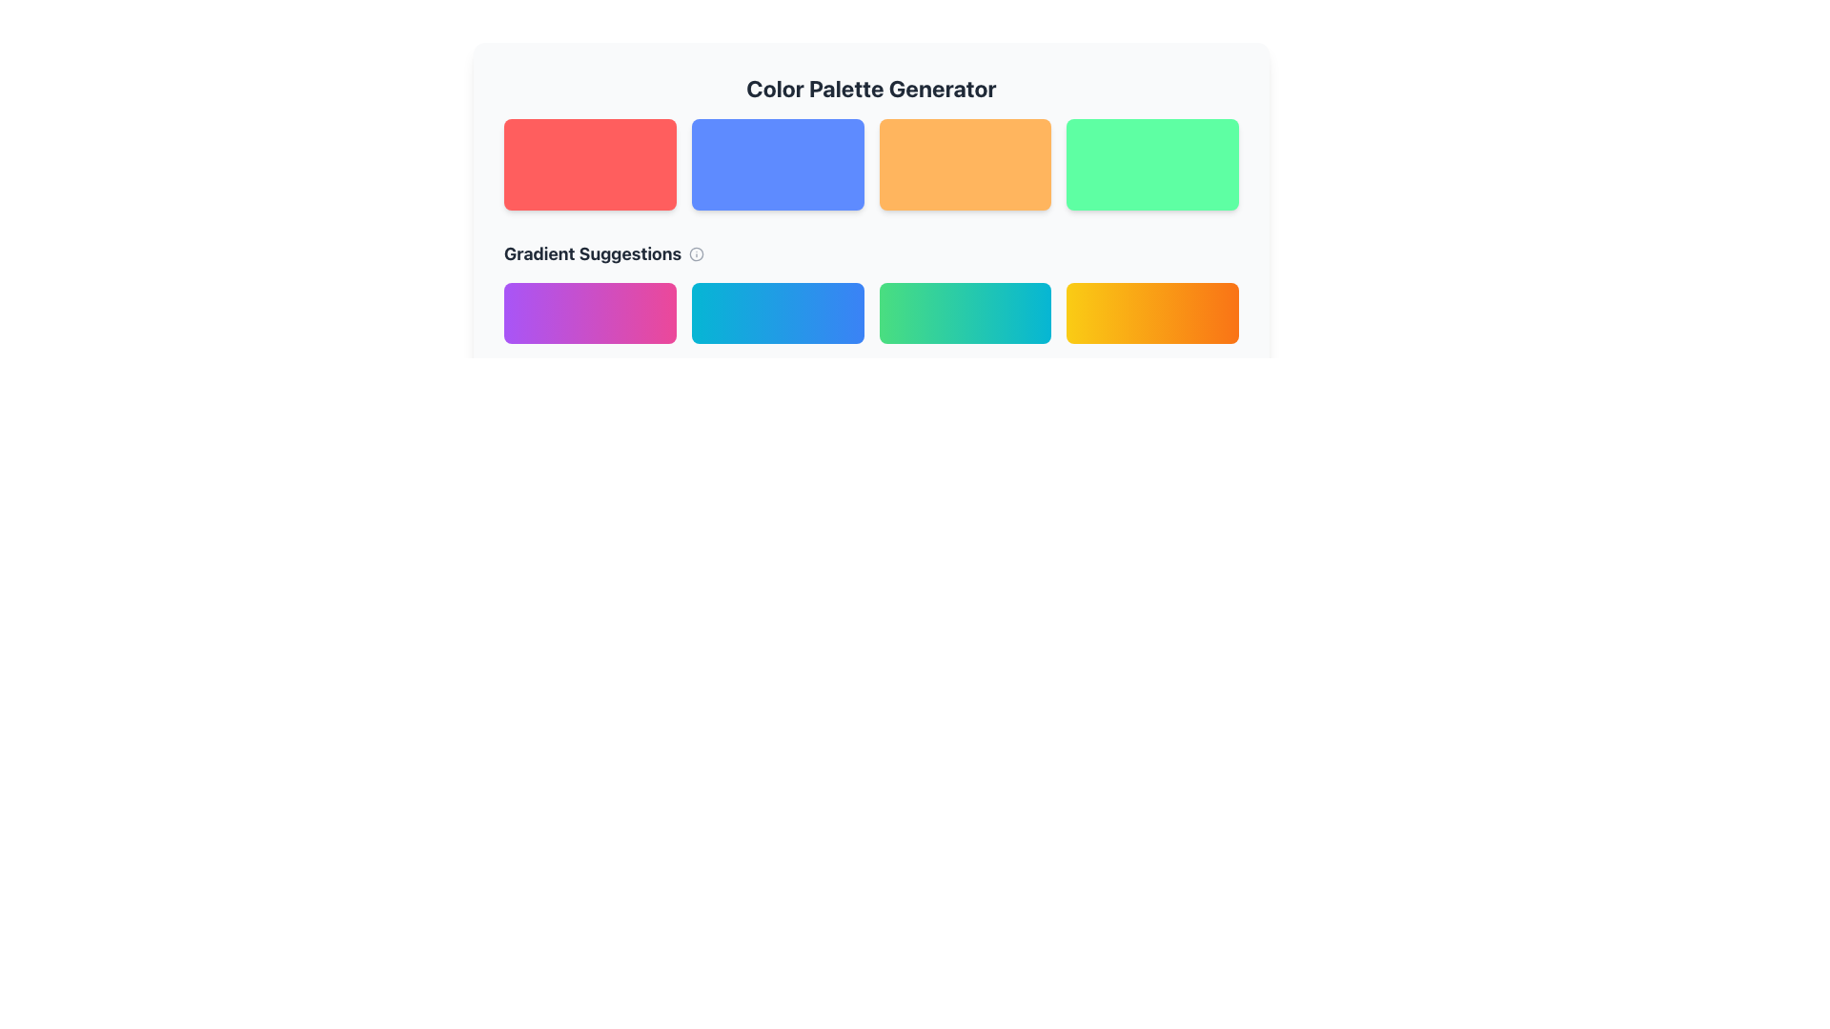 Image resolution: width=1830 pixels, height=1029 pixels. I want to click on the small circular button with a heart icon in gray, located at the bottom-right corner of the red rectangular area, so click(657, 190).